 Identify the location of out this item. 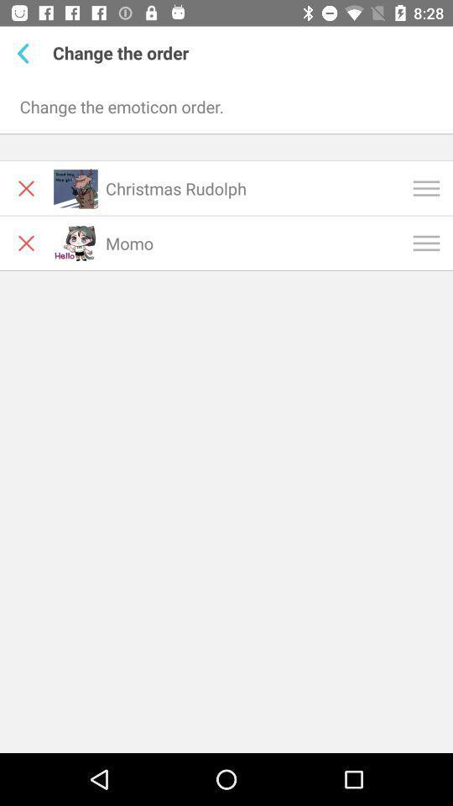
(25, 242).